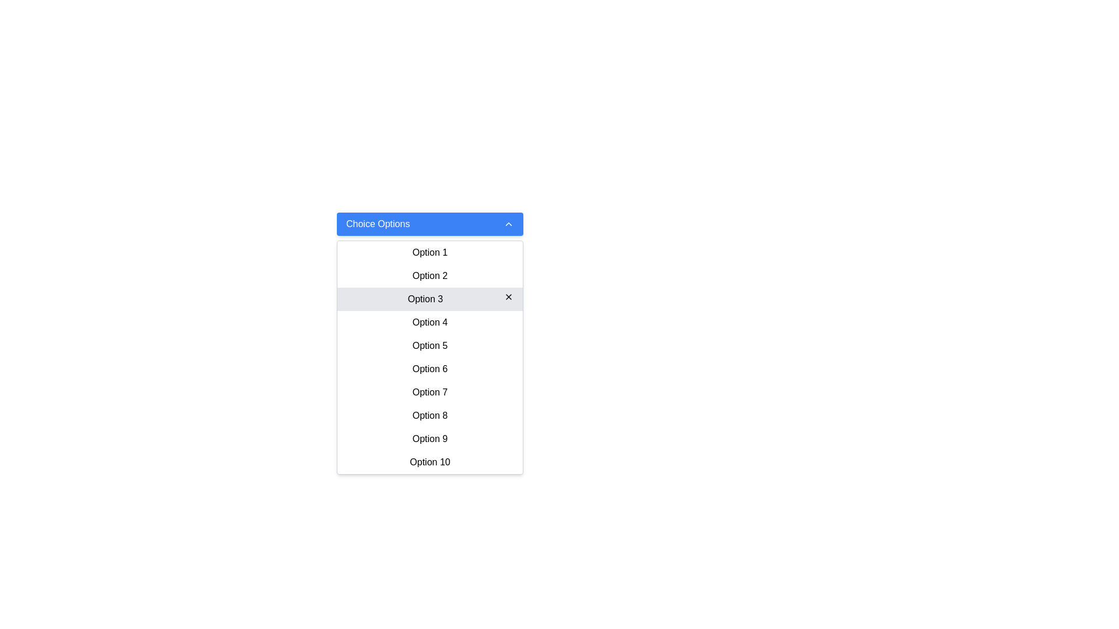 The height and width of the screenshot is (629, 1119). I want to click on the text label displaying 'Option 9', so click(430, 439).